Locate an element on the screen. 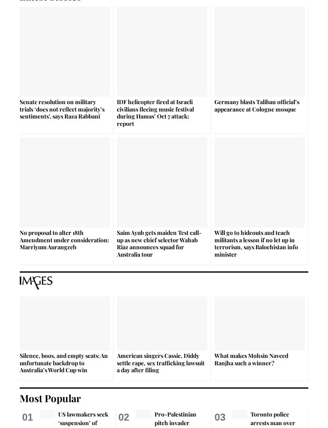 Image resolution: width=328 pixels, height=428 pixels. 'American singers Cassie, Diddy settle rape, sex trafficking lawsuit a day after filing' is located at coordinates (160, 362).